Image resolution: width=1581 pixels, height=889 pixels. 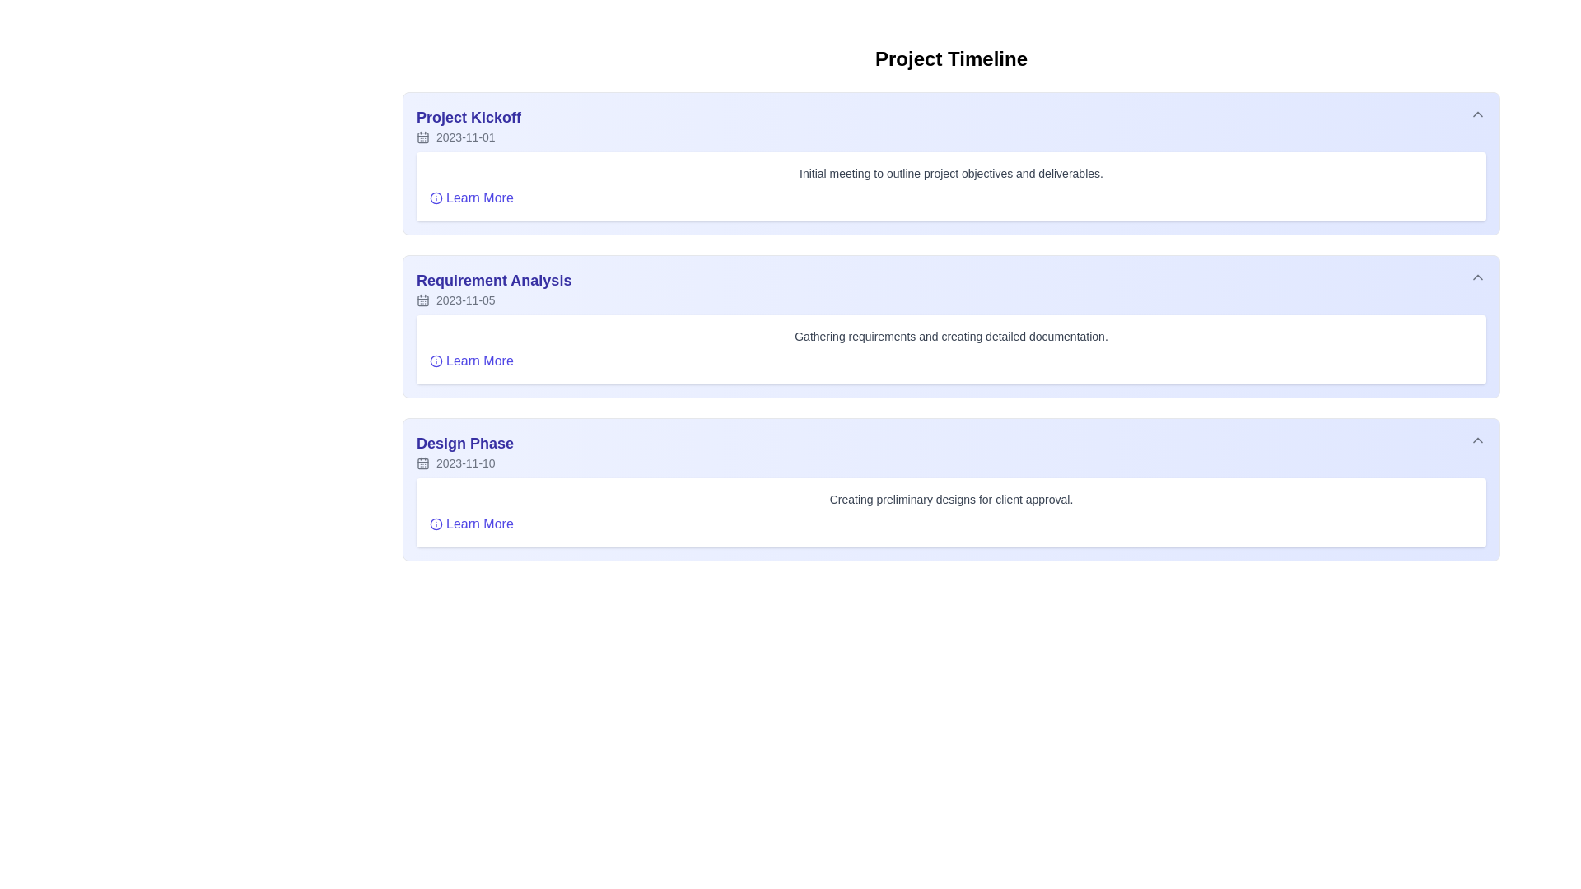 I want to click on the rectangle within the calendar icon associated with the 'Project Kickoff' title in the first card of the Project Timeline list, as it is an interactive element, so click(x=422, y=136).